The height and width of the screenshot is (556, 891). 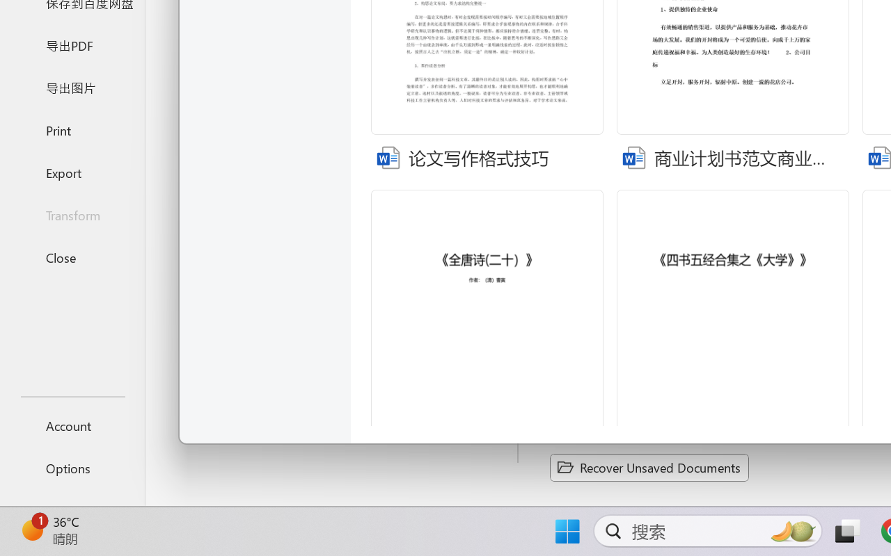 What do you see at coordinates (72, 425) in the screenshot?
I see `'Account'` at bounding box center [72, 425].